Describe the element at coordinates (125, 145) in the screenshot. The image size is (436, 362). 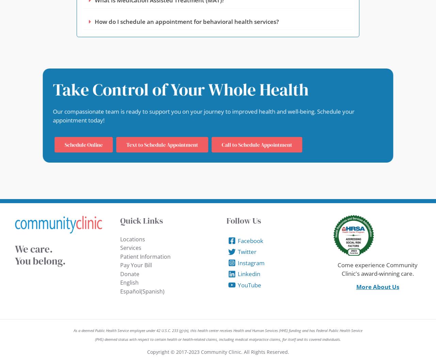
I see `'Text to Schedule Appointment'` at that location.